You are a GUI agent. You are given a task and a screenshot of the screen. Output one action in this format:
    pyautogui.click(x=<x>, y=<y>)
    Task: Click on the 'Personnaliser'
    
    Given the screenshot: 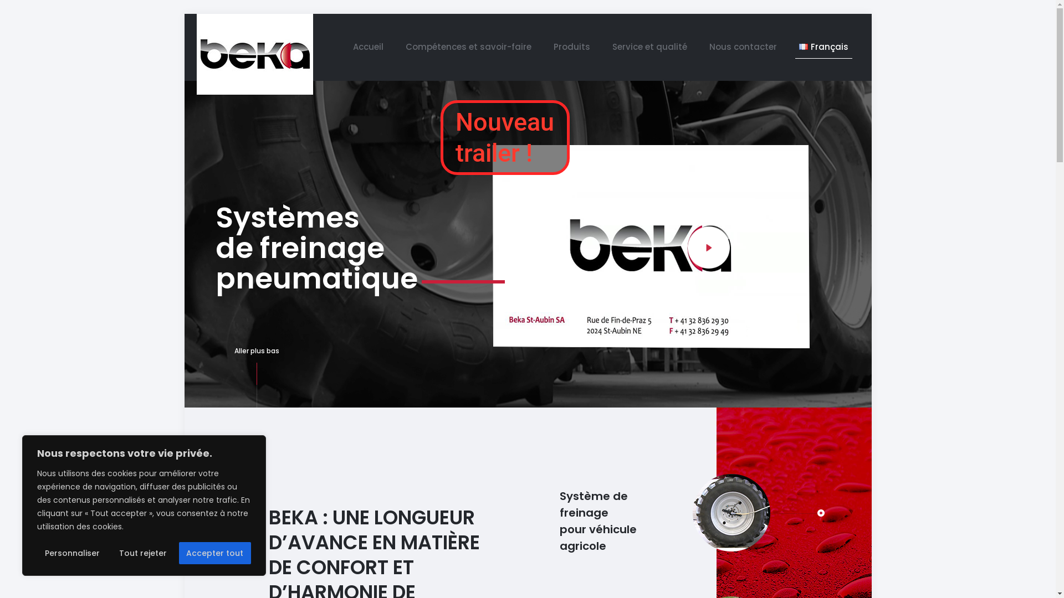 What is the action you would take?
    pyautogui.click(x=71, y=553)
    